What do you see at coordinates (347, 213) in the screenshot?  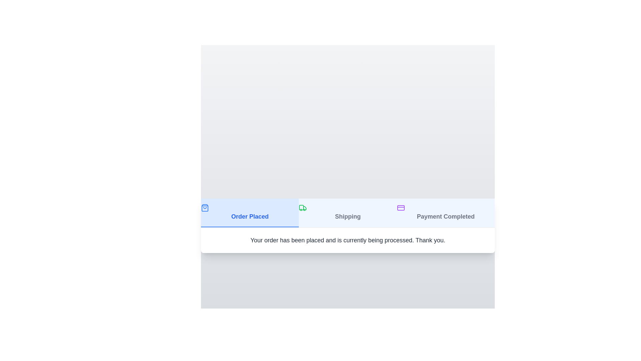 I see `the tab labeled 'Shipping' to observe its hover effect` at bounding box center [347, 213].